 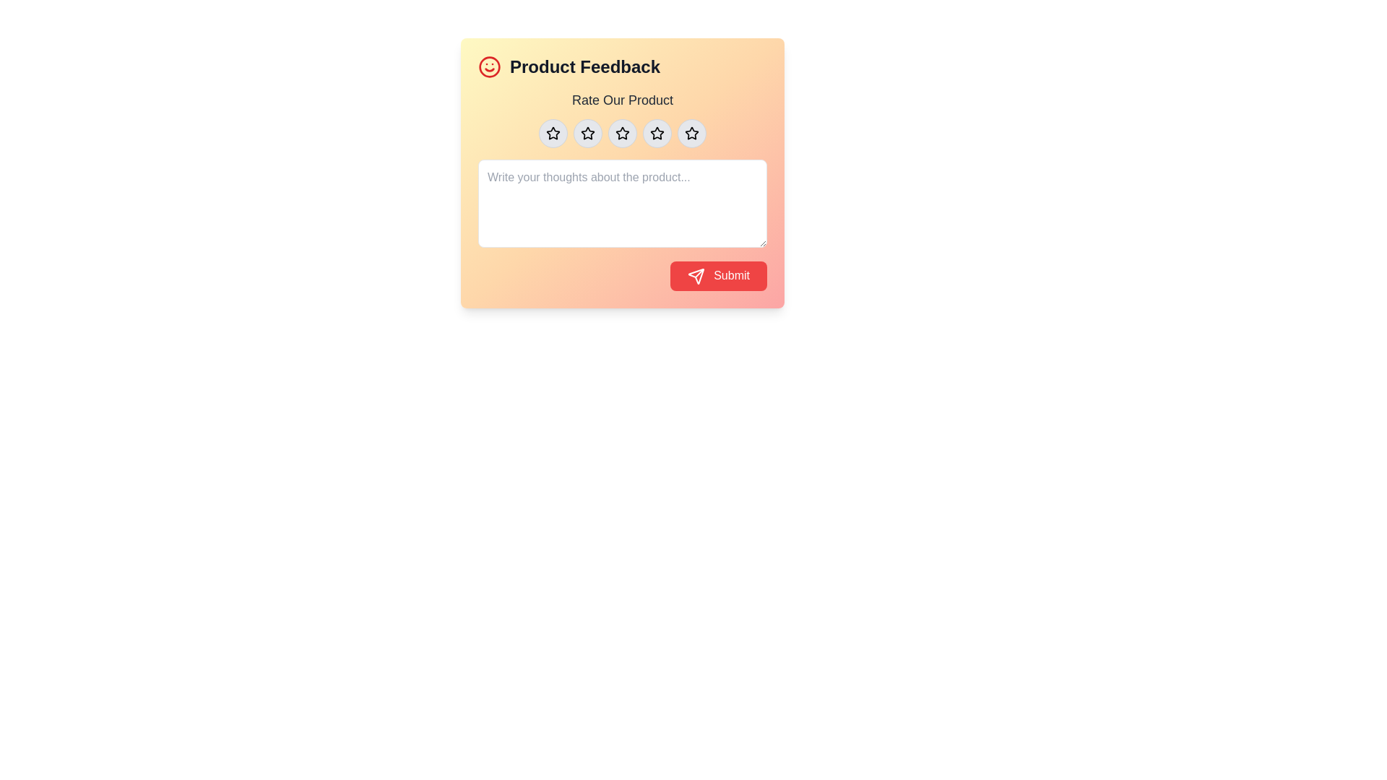 I want to click on the fourth star icon in the horizontal arrangement under the text 'Rate Our Product', so click(x=657, y=134).